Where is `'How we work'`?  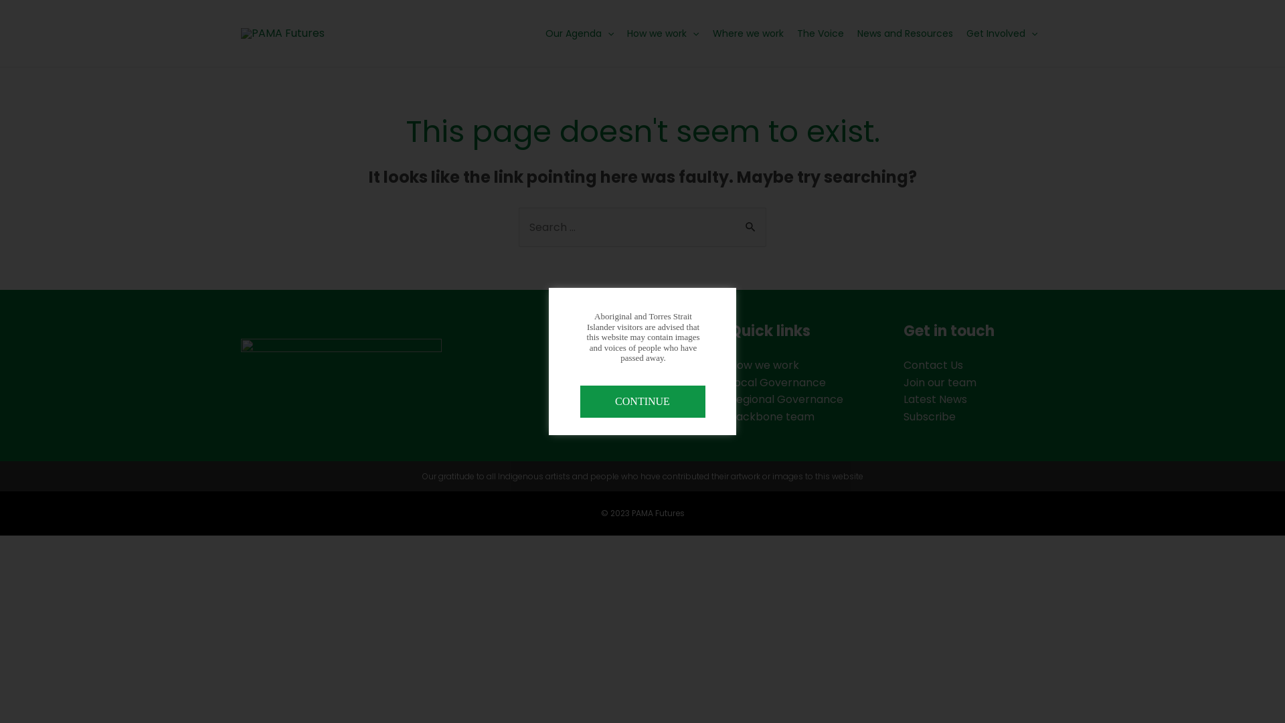 'How we work' is located at coordinates (663, 33).